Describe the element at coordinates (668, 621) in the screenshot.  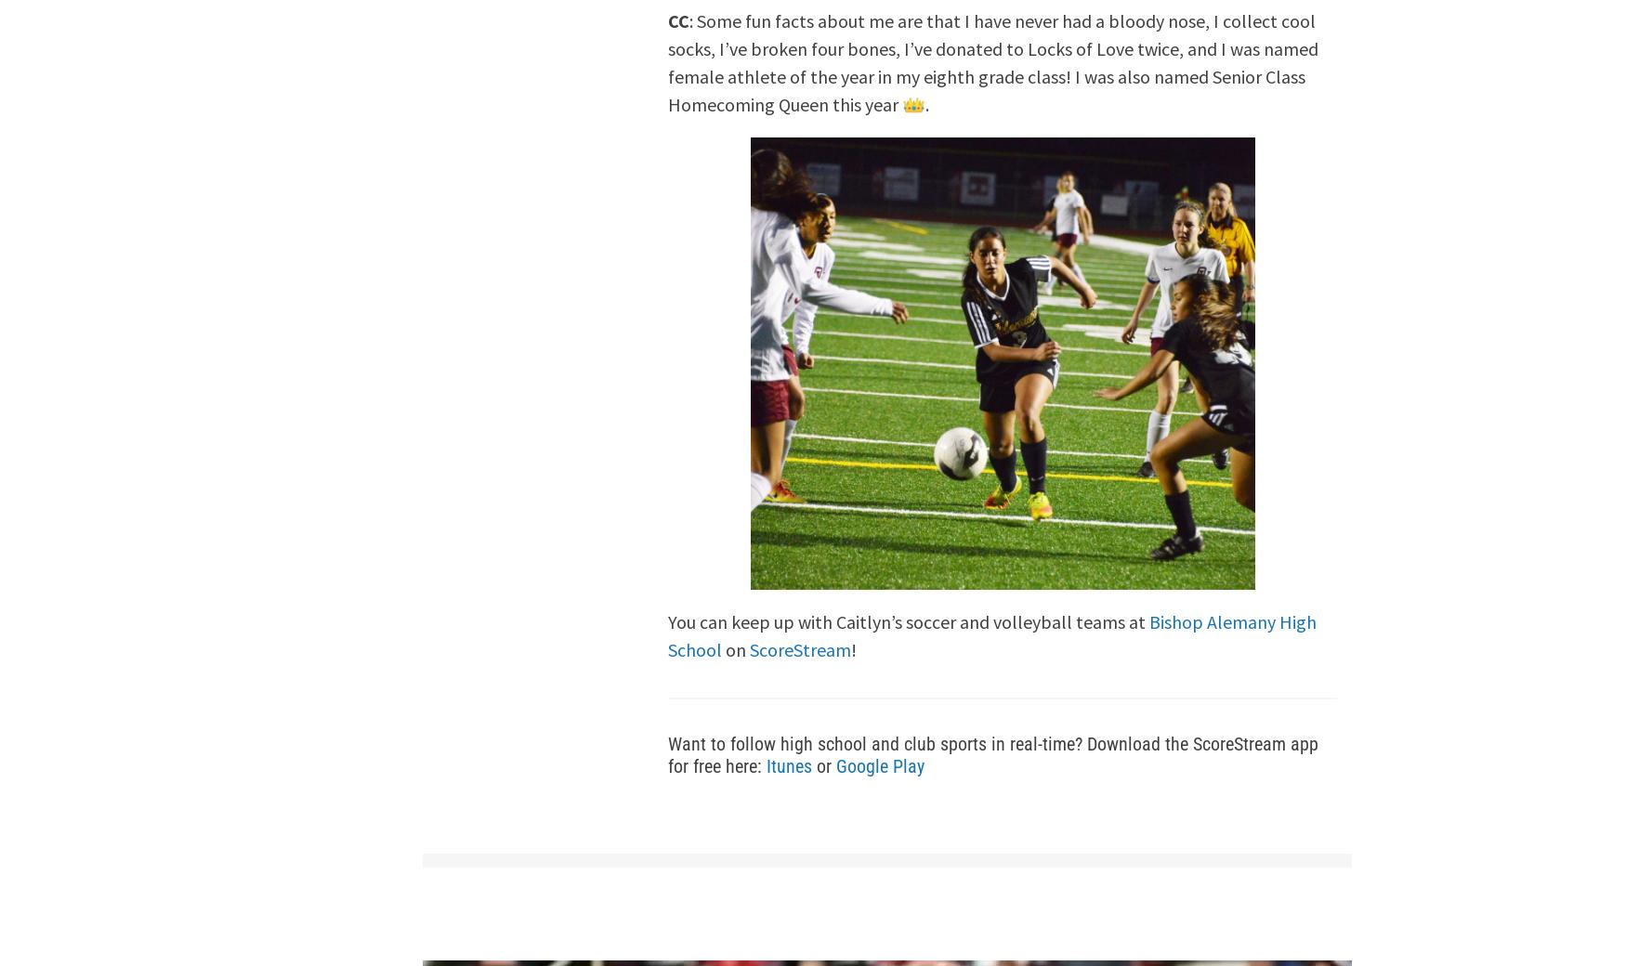
I see `'You can keep up with Caitlyn’s soccer and volleyball teams at'` at that location.